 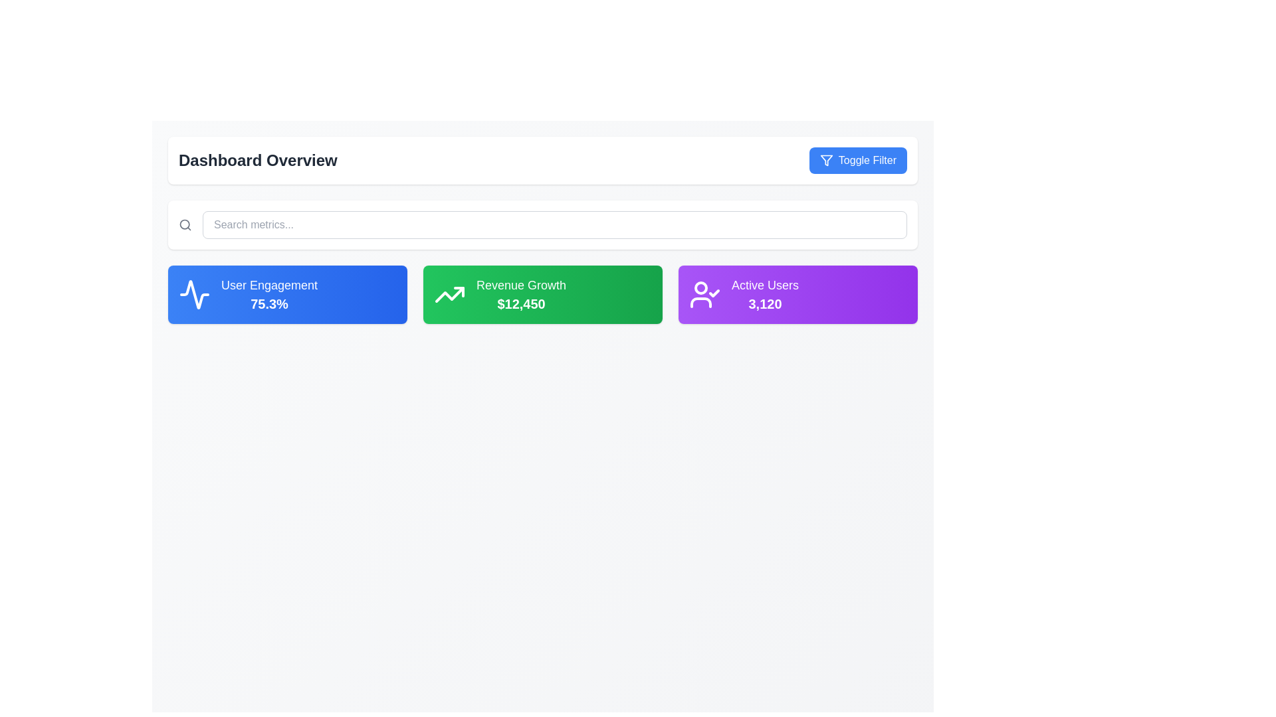 What do you see at coordinates (268, 304) in the screenshot?
I see `the text label displaying the percentage value for user engagement, located within the blue rectangular box labeled 'User Engagement'` at bounding box center [268, 304].